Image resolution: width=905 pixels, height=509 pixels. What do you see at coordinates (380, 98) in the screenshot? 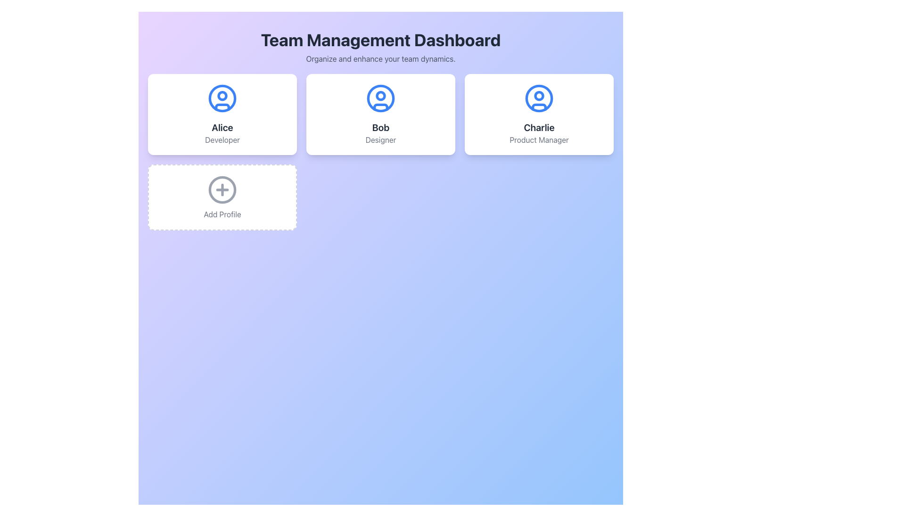
I see `the circular user profile silhouette icon with a blue outline and white background, located at the top center of the profile card labeled 'Bob Designer'` at bounding box center [380, 98].